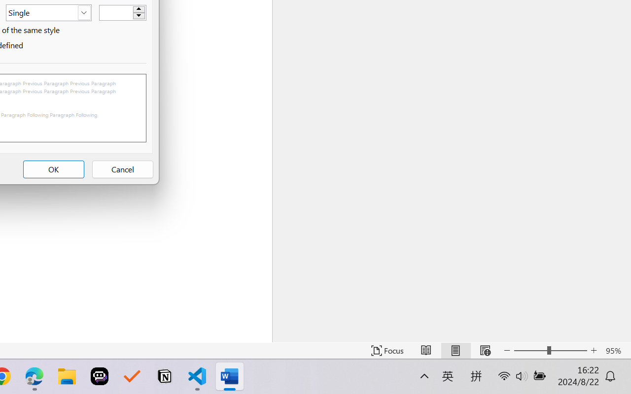 This screenshot has width=631, height=394. What do you see at coordinates (53, 169) in the screenshot?
I see `'OK'` at bounding box center [53, 169].